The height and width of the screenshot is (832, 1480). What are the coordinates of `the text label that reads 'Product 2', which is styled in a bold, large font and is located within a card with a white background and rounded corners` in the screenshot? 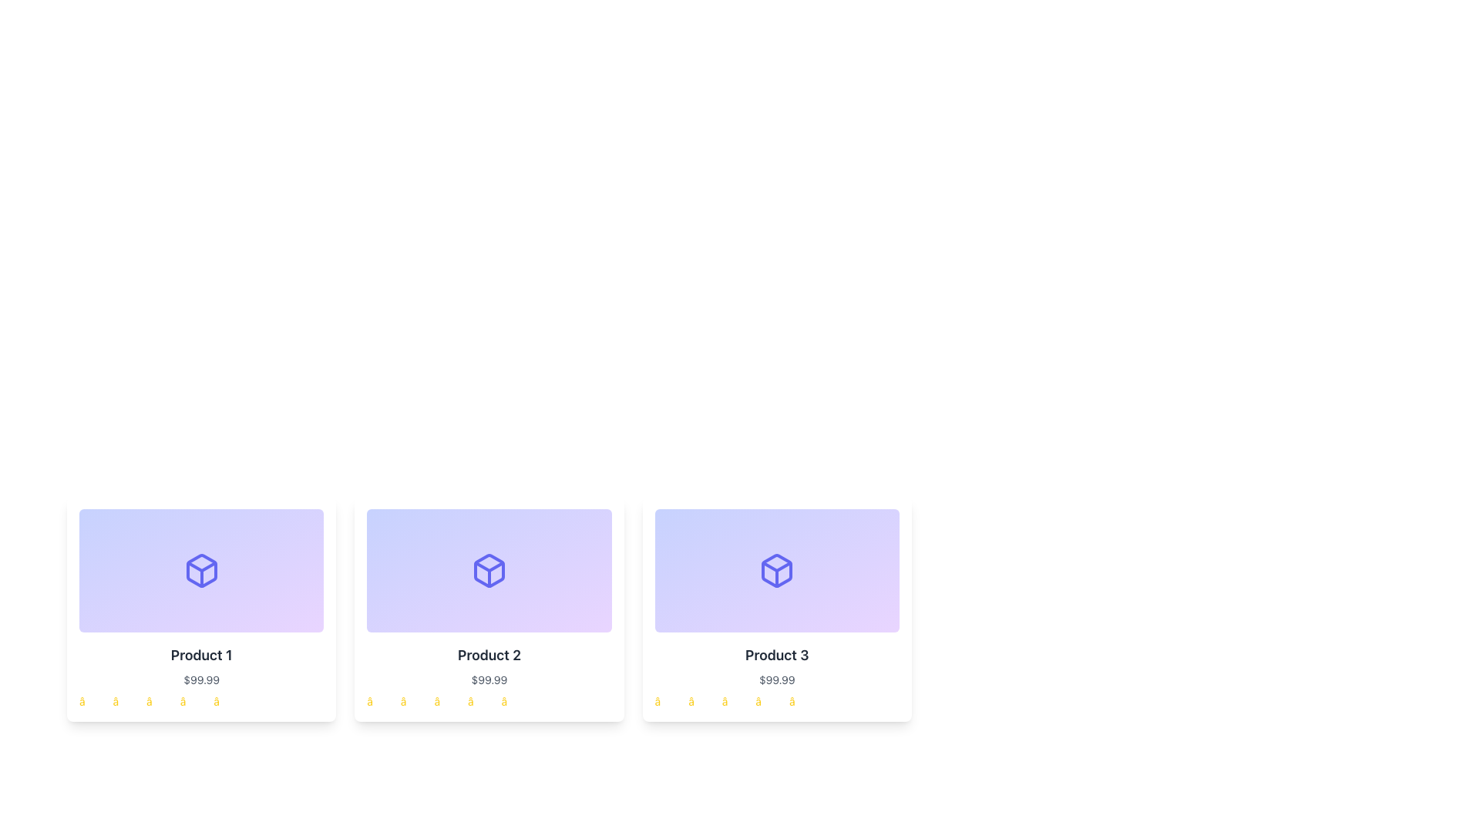 It's located at (488, 656).